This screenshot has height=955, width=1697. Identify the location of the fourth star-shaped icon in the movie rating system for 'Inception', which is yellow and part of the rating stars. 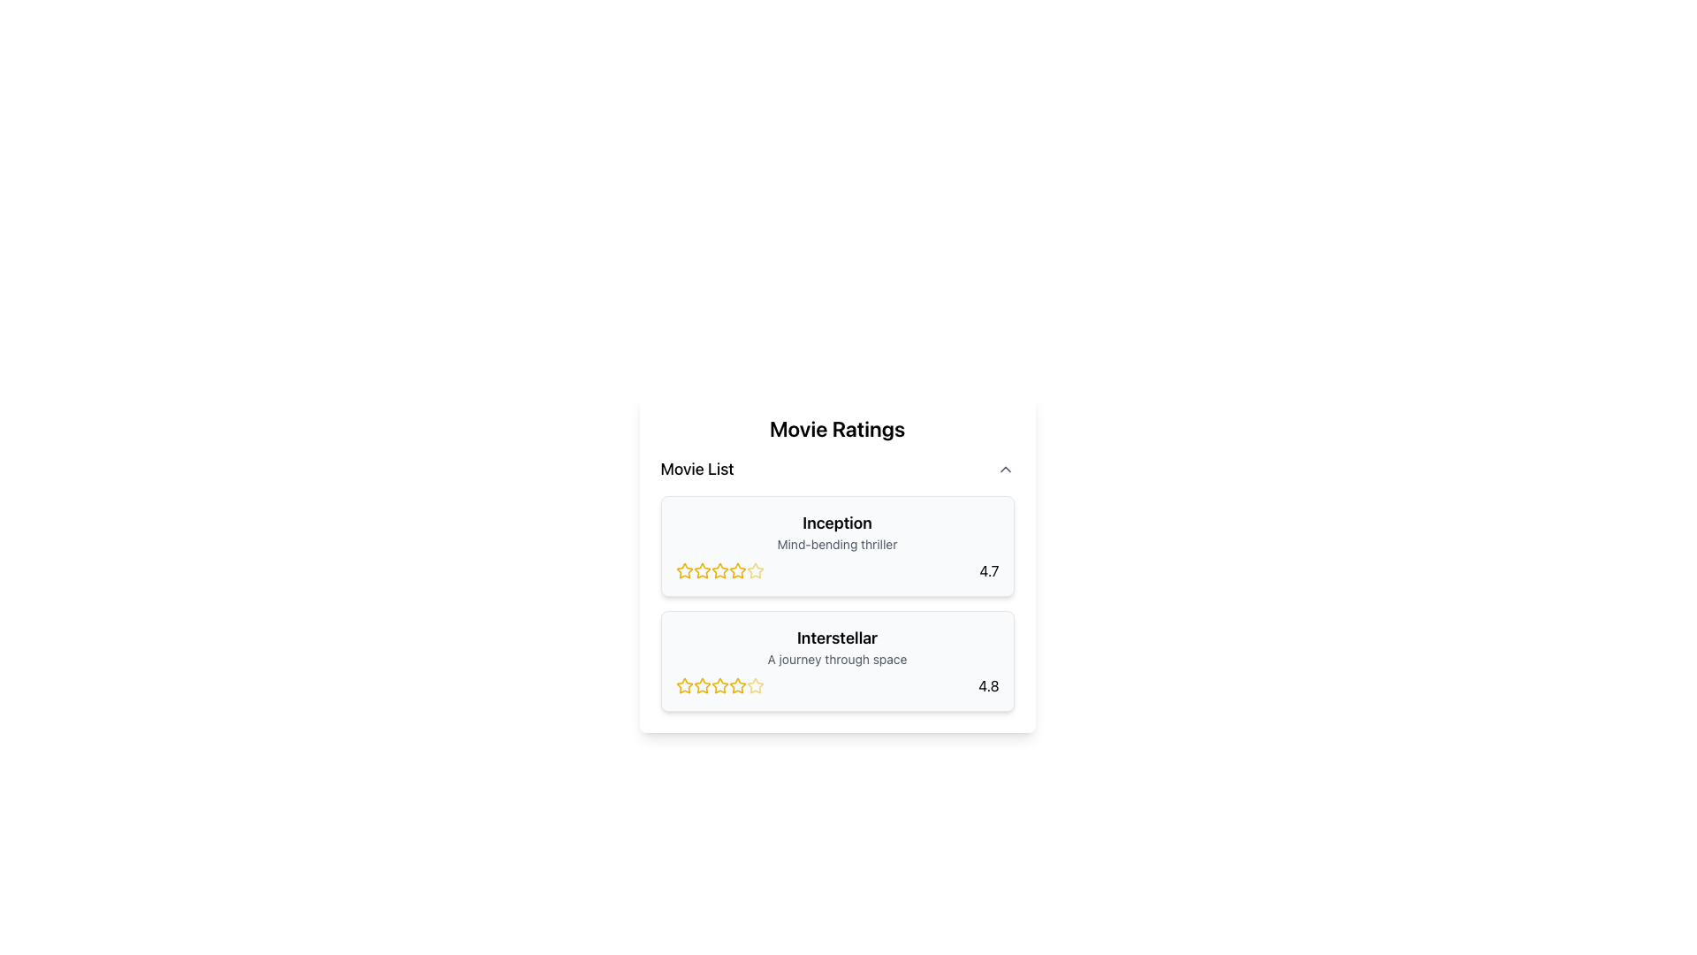
(719, 570).